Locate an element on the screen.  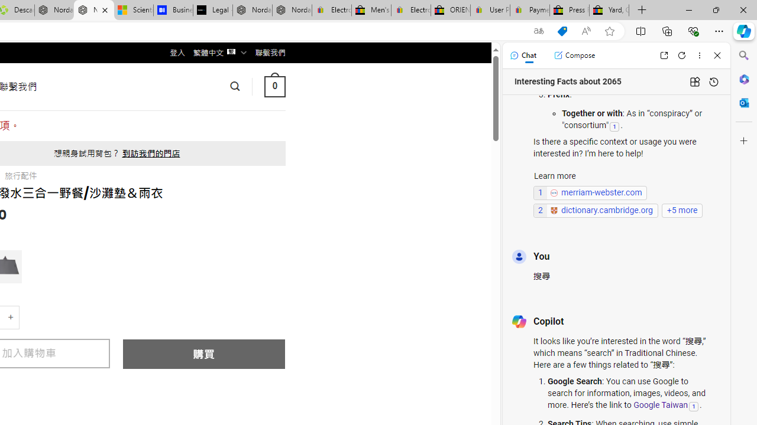
'Payments Terms of Use | eBay.com' is located at coordinates (529, 10).